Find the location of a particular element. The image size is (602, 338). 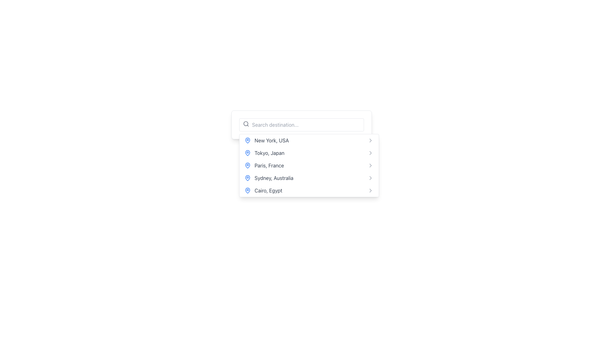

the location indicator icon positioned to the left of the text 'New York, USA', which is the first icon in a vertical list of location markers is located at coordinates (247, 140).